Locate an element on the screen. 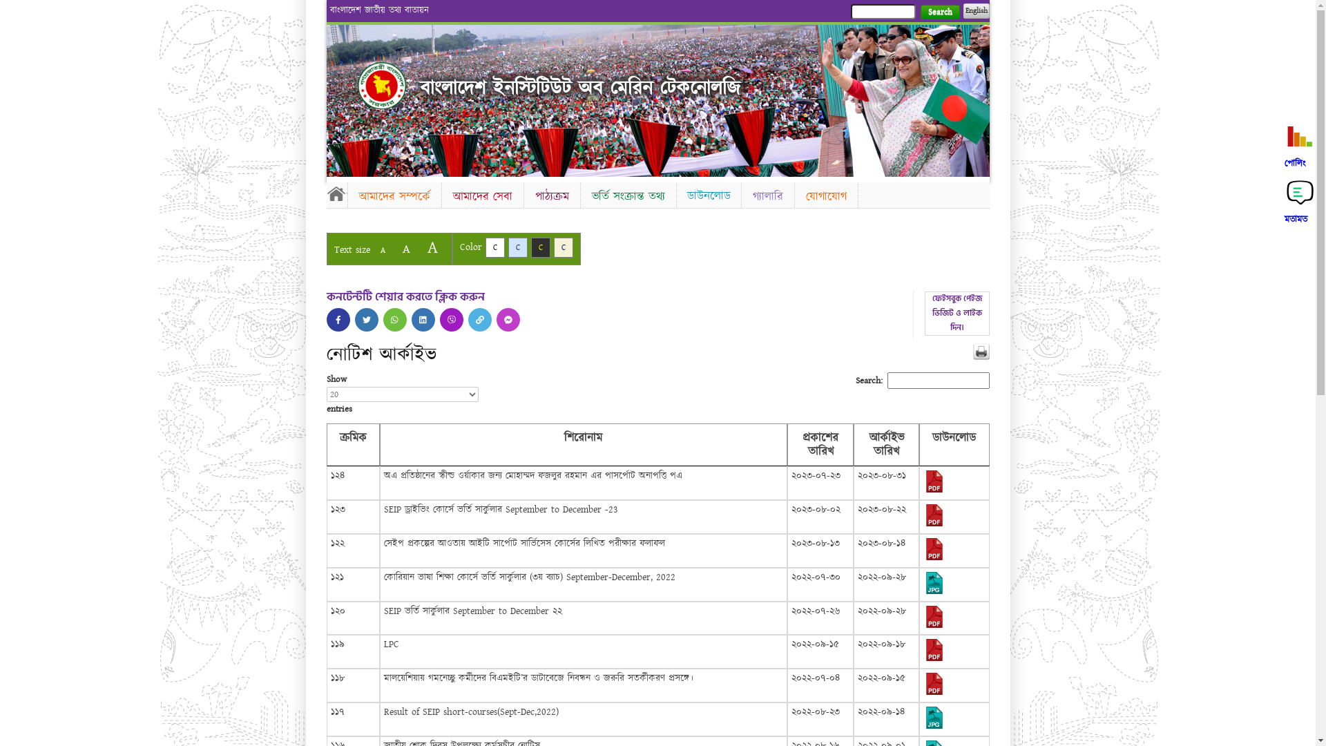 Image resolution: width=1326 pixels, height=746 pixels. 'C' is located at coordinates (494, 247).